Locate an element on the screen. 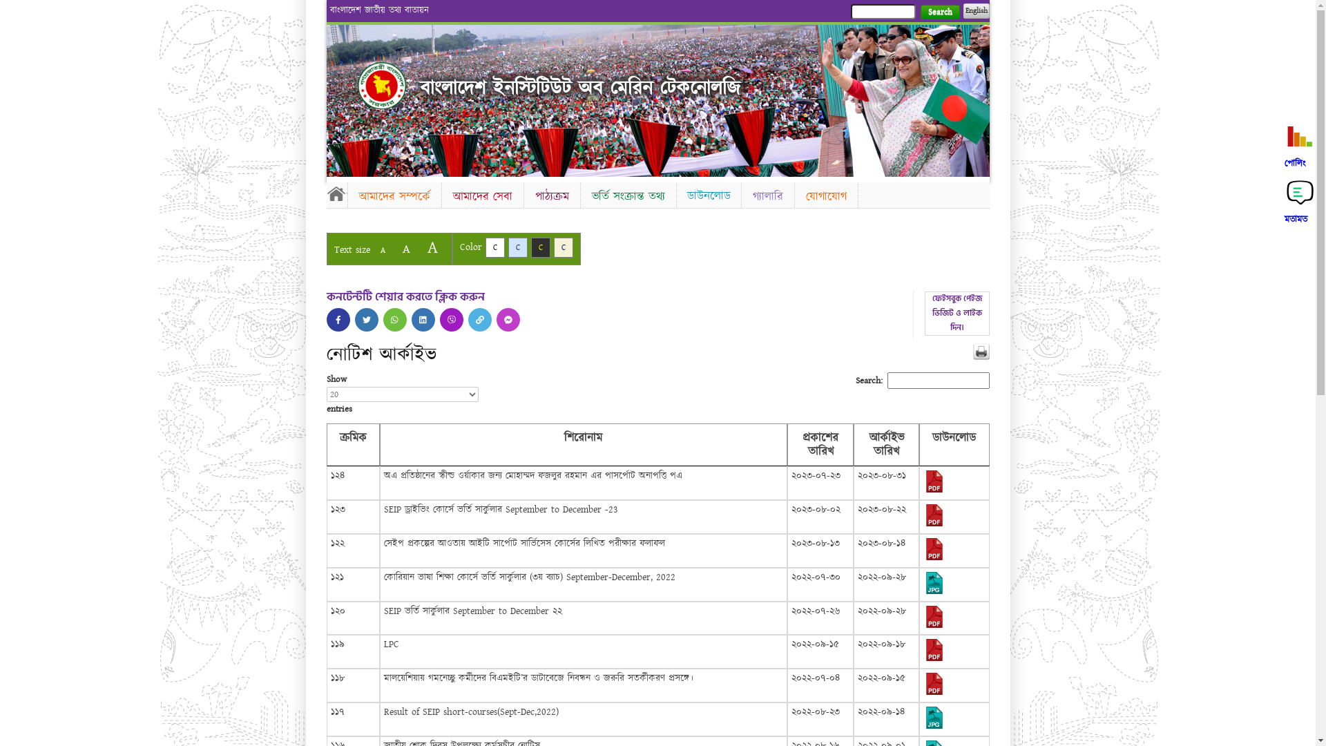 Image resolution: width=1326 pixels, height=746 pixels. 'C' is located at coordinates (494, 247).